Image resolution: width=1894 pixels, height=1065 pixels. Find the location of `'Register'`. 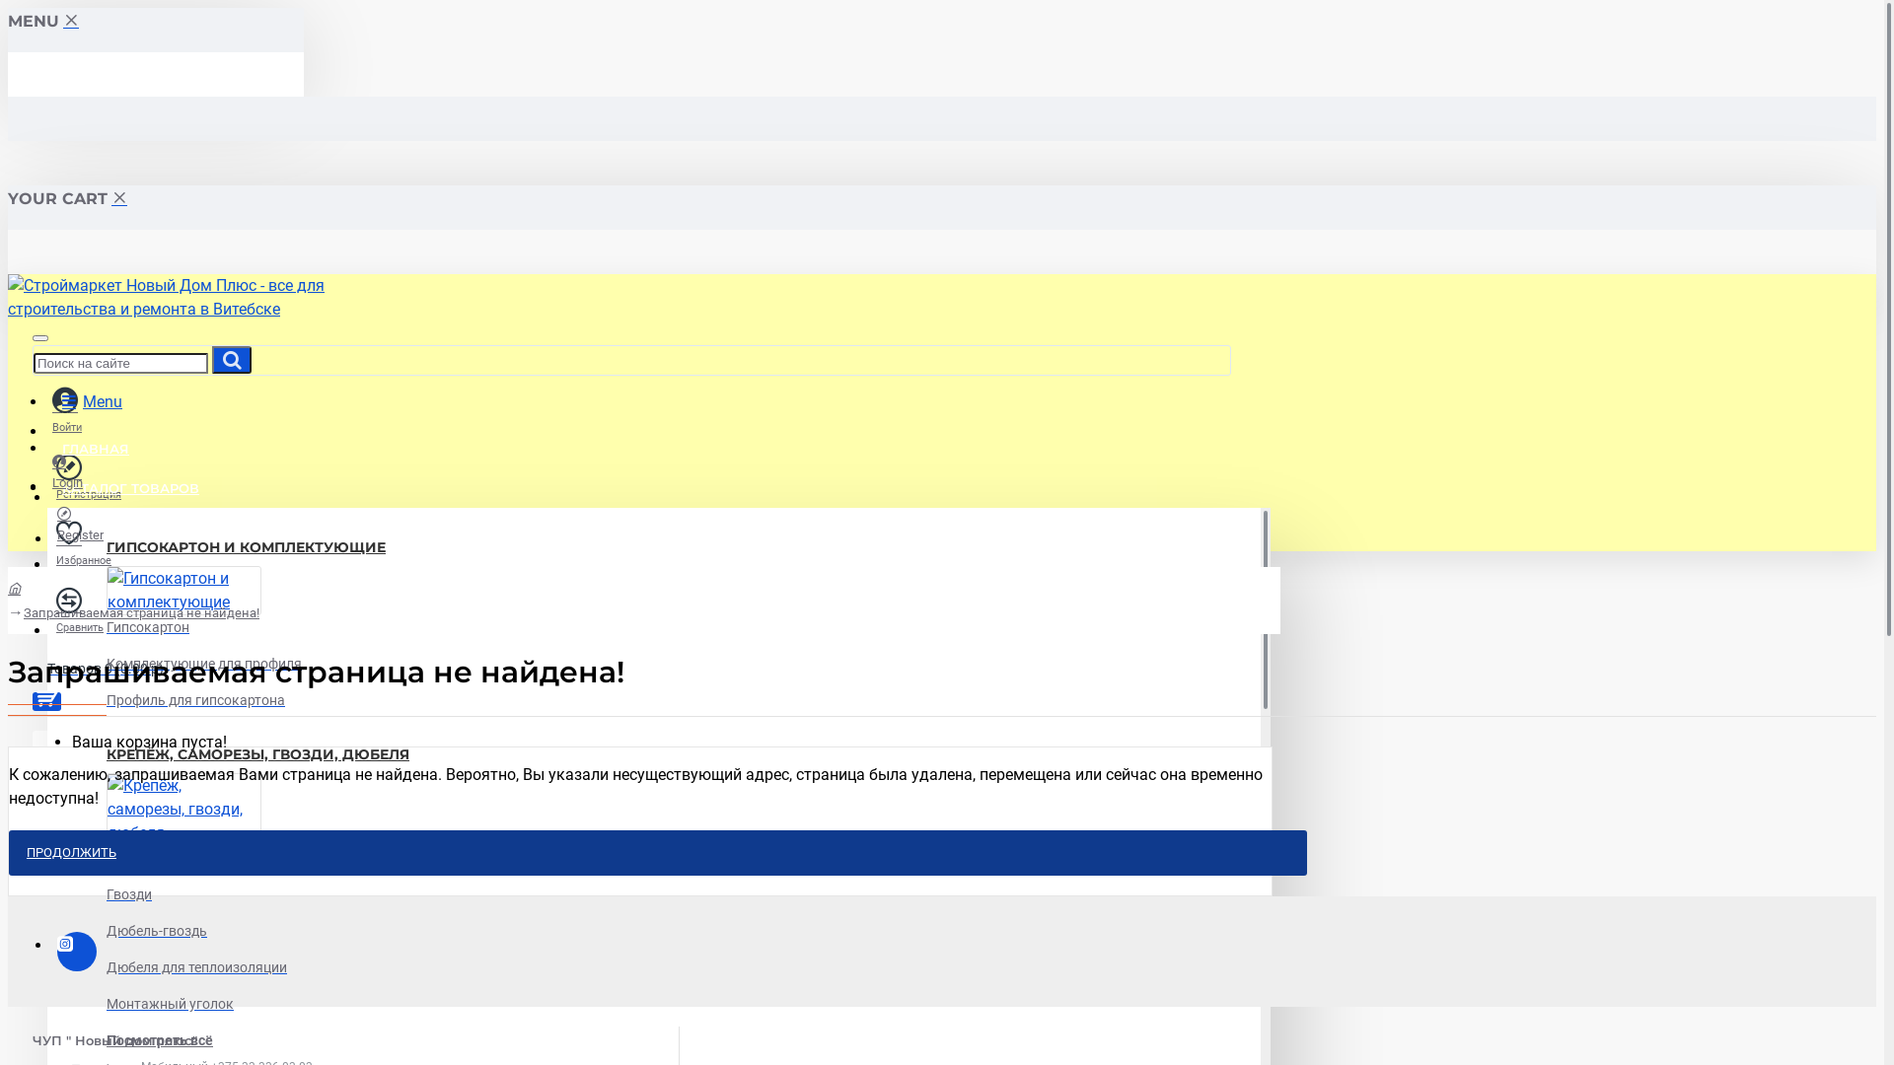

'Register' is located at coordinates (79, 523).